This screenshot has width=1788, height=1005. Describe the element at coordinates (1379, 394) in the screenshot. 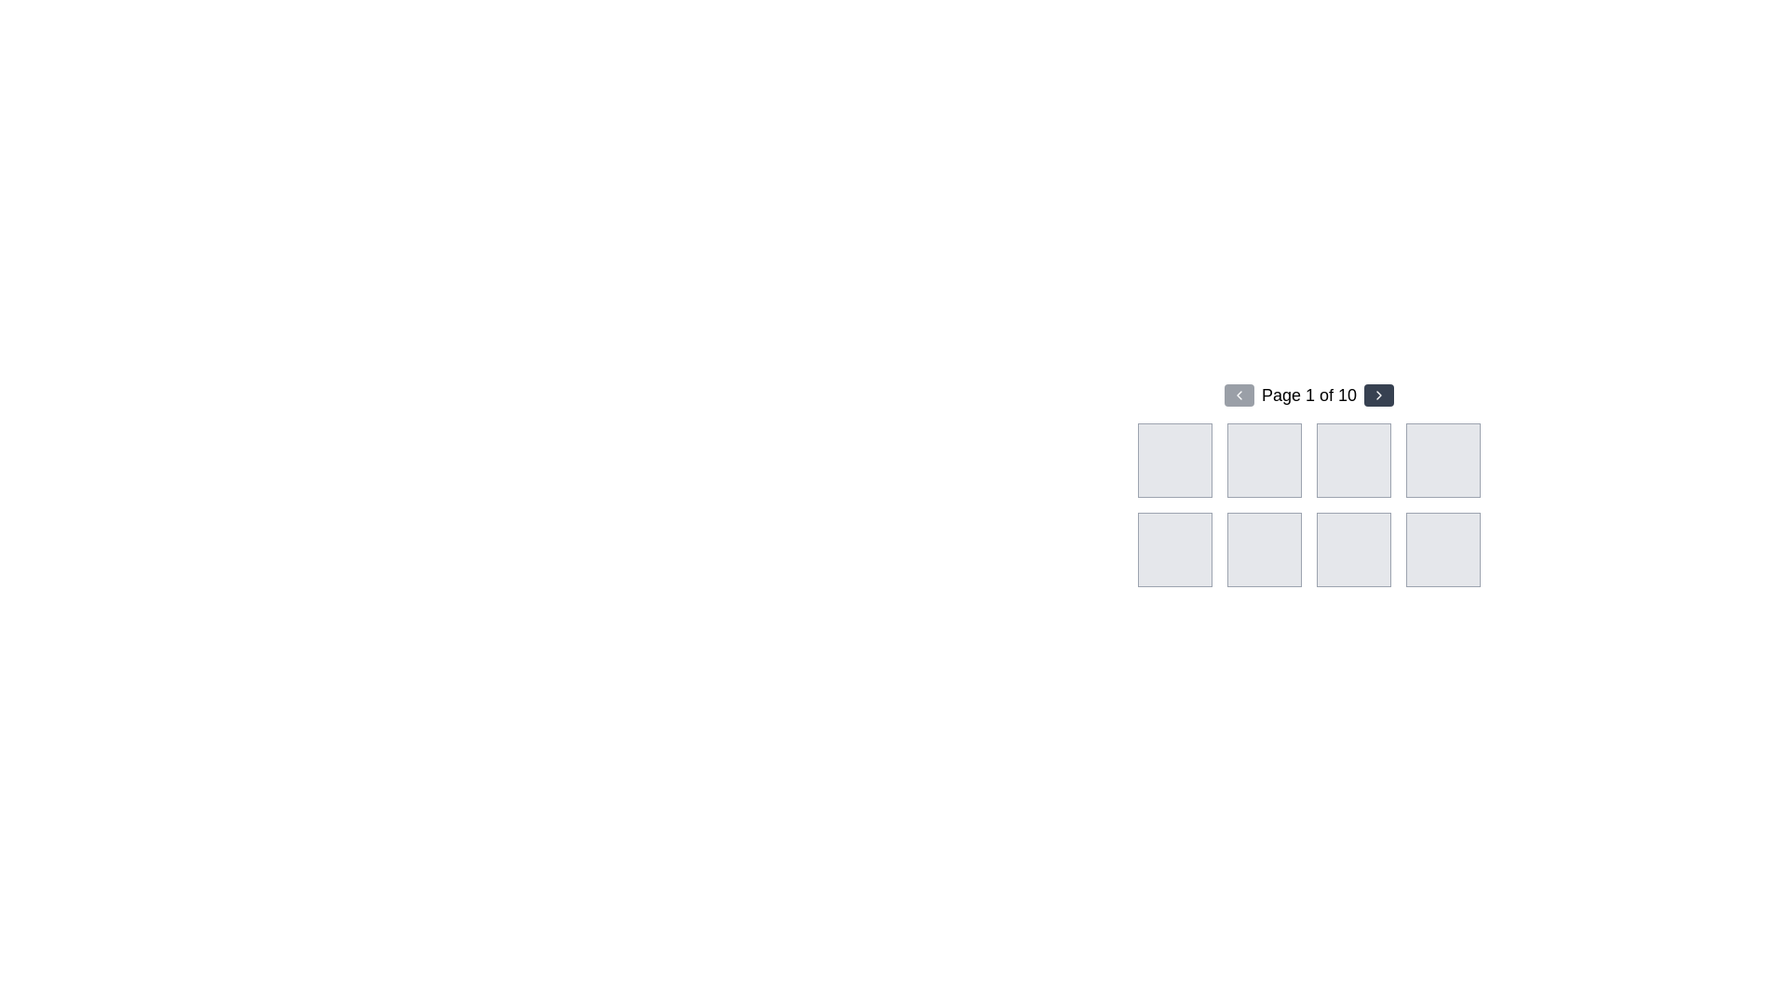

I see `the right-pointing chevron icon with a minimalistic design located at the top-right section of the interface, part of the pagination control` at that location.